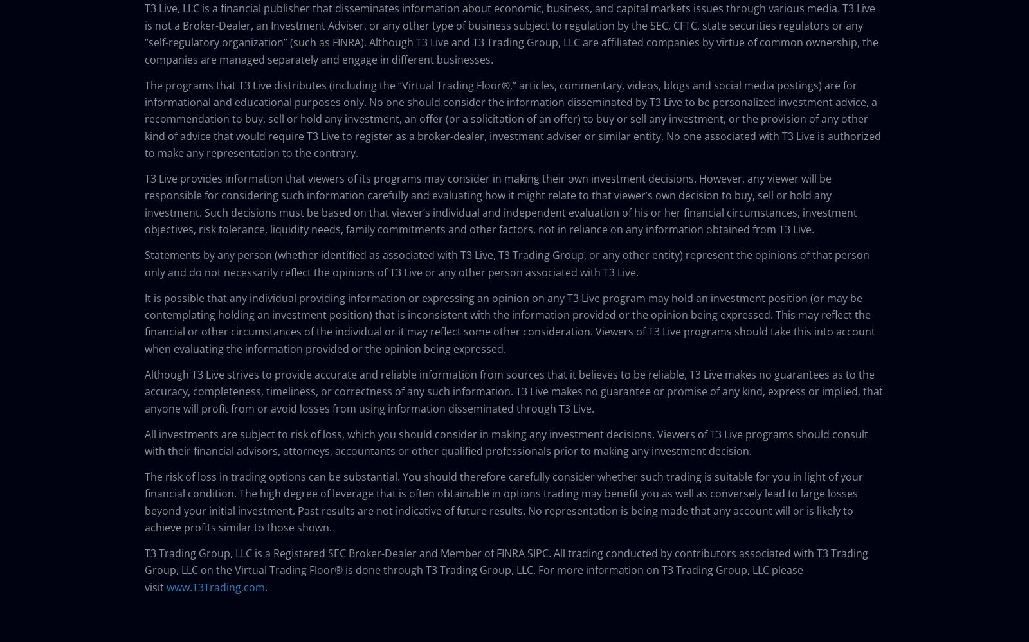  Describe the element at coordinates (509, 322) in the screenshot. I see `'It is possible that any individual providing information or expressing an opinion on any T3 Live program may hold an investment position (or may be contemplating holding an investment position) that is inconsistent with the information provided or the opinion being expressed. This may reflect the financial or other circumstances of the individual or it may reflect some other consideration. Viewers of T3 Live programs should take this into account when evaluating the information provided or the opinion being expressed.'` at that location.